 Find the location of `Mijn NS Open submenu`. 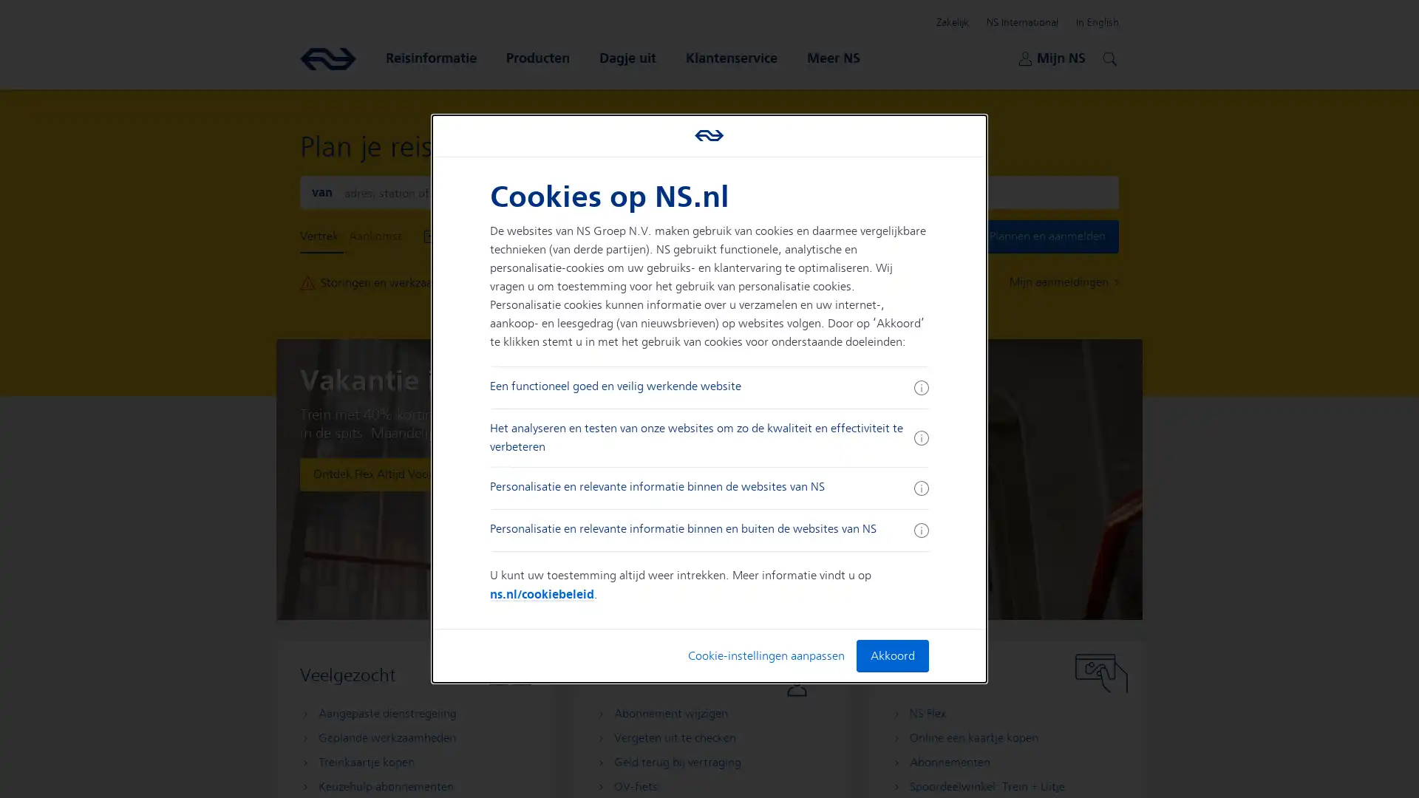

Mijn NS Open submenu is located at coordinates (1051, 57).